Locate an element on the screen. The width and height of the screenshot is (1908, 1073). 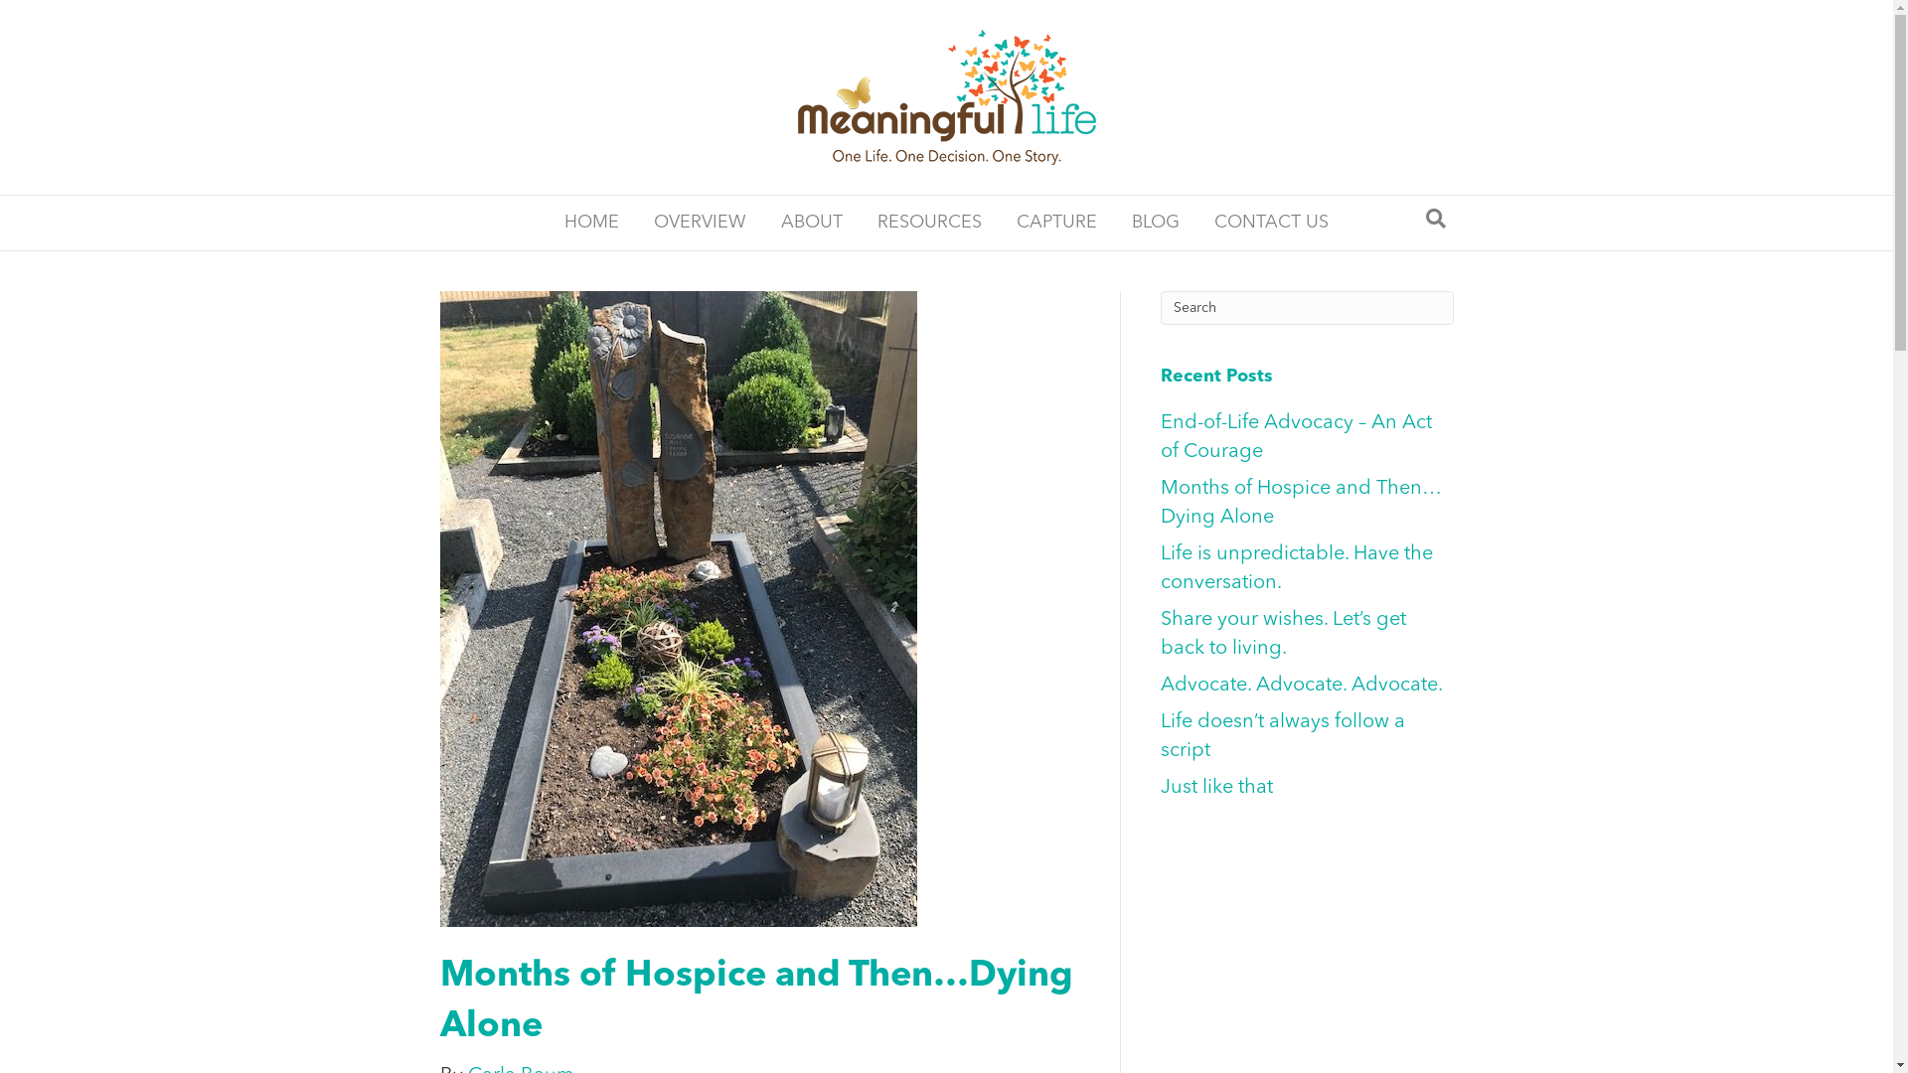
'OVERVIEW' is located at coordinates (700, 223).